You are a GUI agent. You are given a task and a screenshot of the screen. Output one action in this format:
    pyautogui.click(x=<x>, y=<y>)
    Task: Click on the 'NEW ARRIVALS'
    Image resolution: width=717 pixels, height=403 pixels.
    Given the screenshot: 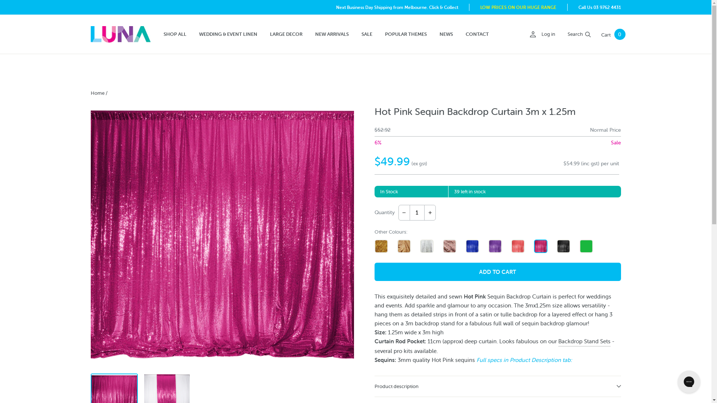 What is the action you would take?
    pyautogui.click(x=331, y=34)
    